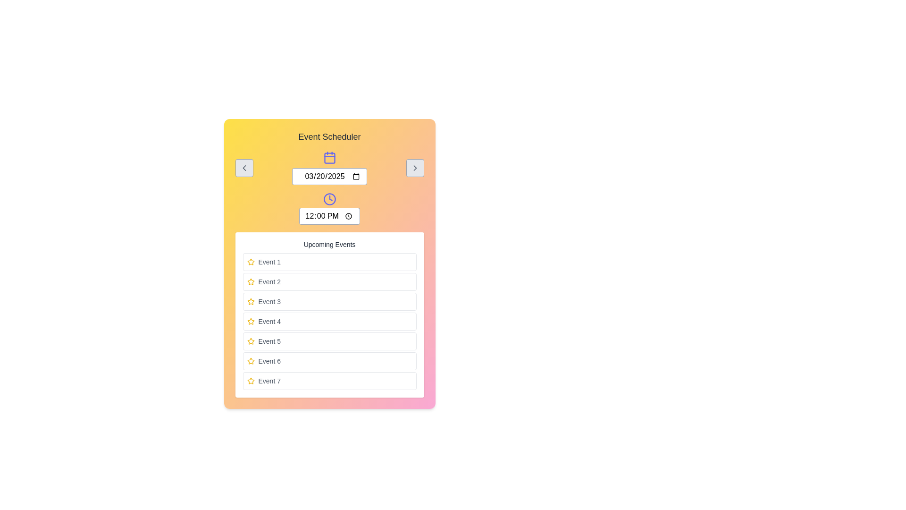 This screenshot has width=906, height=510. What do you see at coordinates (329, 158) in the screenshot?
I see `the decorative shape within the calendar icon in the Event Scheduler interface, positioned above the date input field` at bounding box center [329, 158].